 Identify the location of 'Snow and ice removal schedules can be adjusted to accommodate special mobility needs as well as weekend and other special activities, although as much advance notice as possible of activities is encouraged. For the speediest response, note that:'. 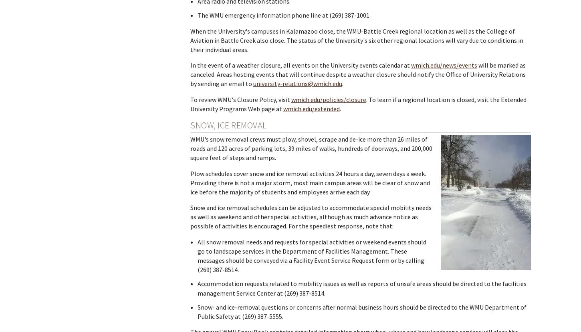
(190, 216).